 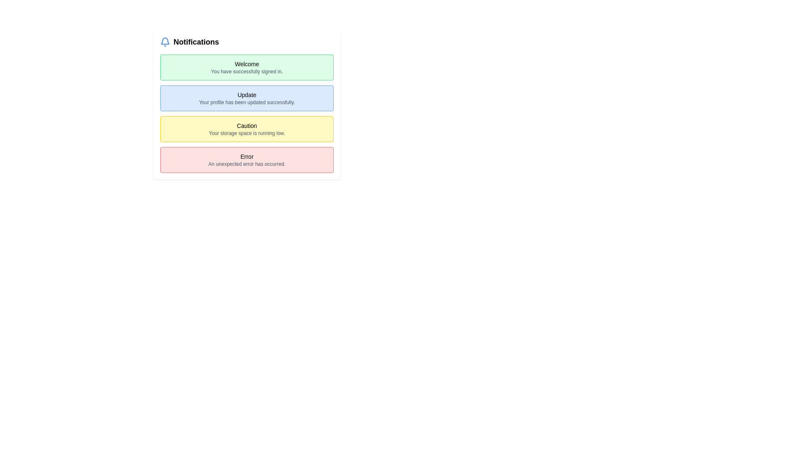 What do you see at coordinates (246, 125) in the screenshot?
I see `title of the third notification banner, which provides the nature or severity of the message, located above the text 'Your storage space is running low.'` at bounding box center [246, 125].